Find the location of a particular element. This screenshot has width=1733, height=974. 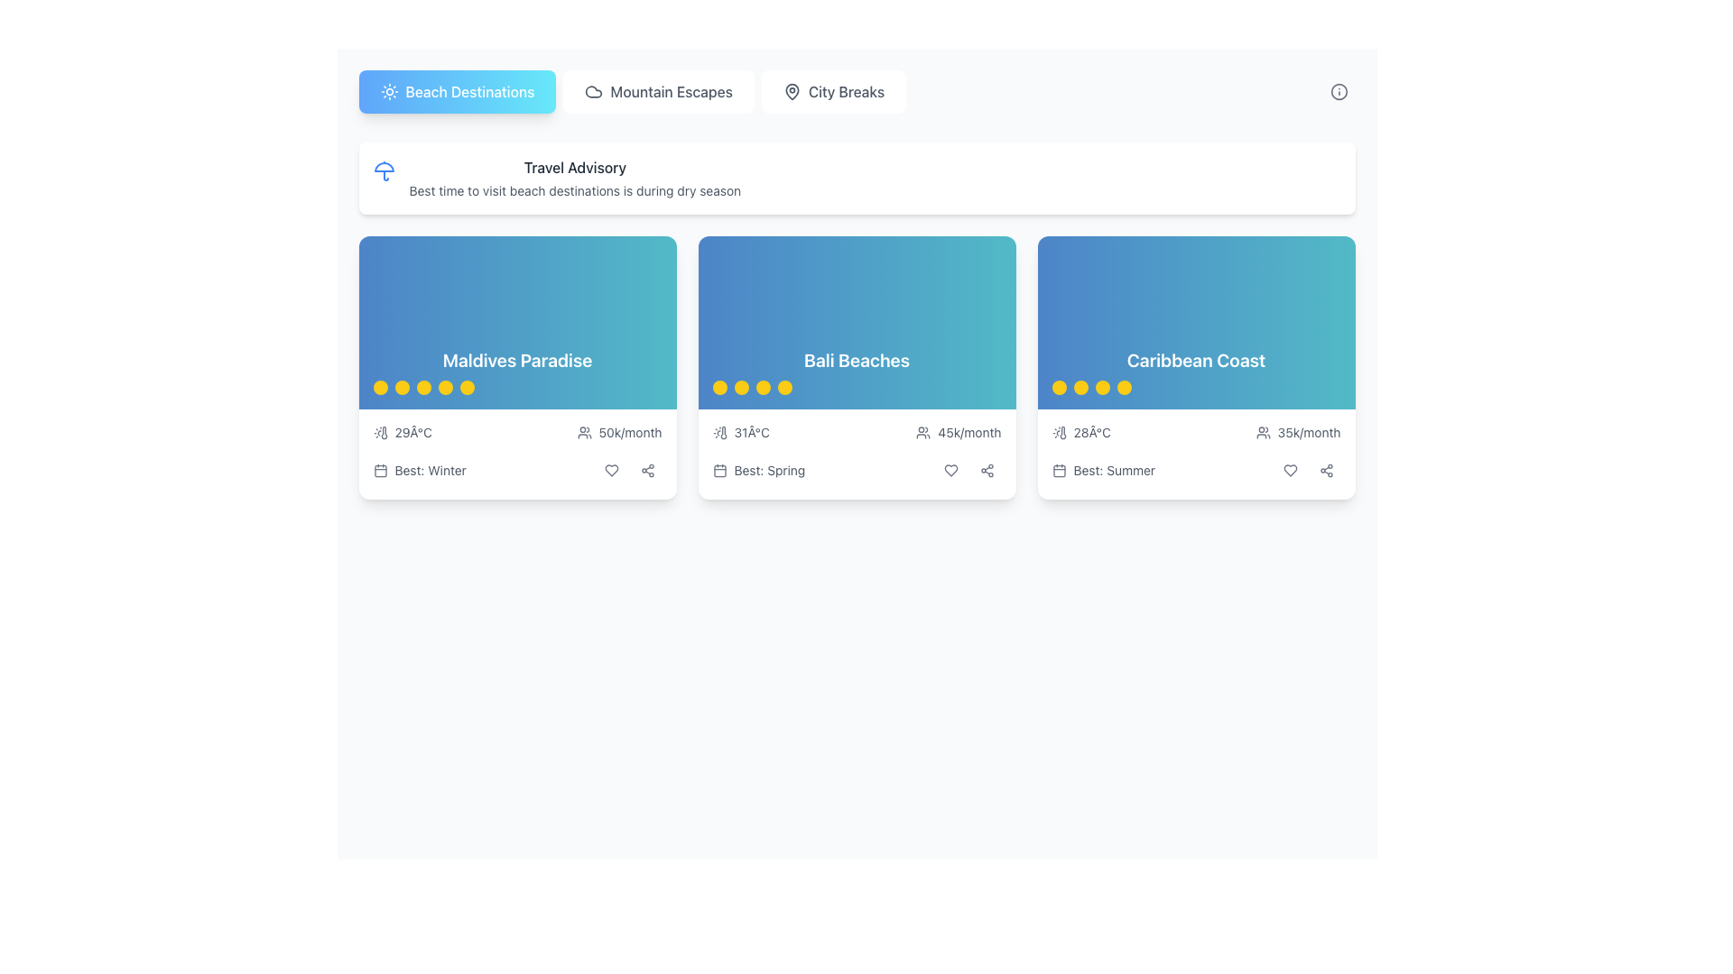

the static text block that provides contextual information or notifications regarding travel conditions, which is located beneath the navigation bar and above the destination cards is located at coordinates (574, 178).